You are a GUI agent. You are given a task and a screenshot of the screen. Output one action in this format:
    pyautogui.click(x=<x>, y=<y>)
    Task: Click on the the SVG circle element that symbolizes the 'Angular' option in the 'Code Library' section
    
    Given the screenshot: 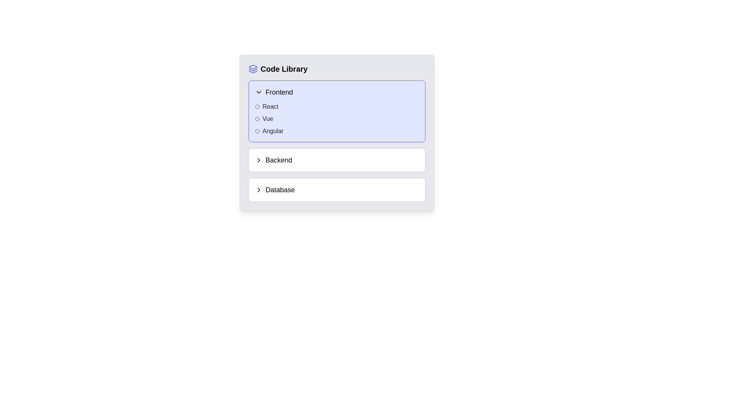 What is the action you would take?
    pyautogui.click(x=257, y=130)
    